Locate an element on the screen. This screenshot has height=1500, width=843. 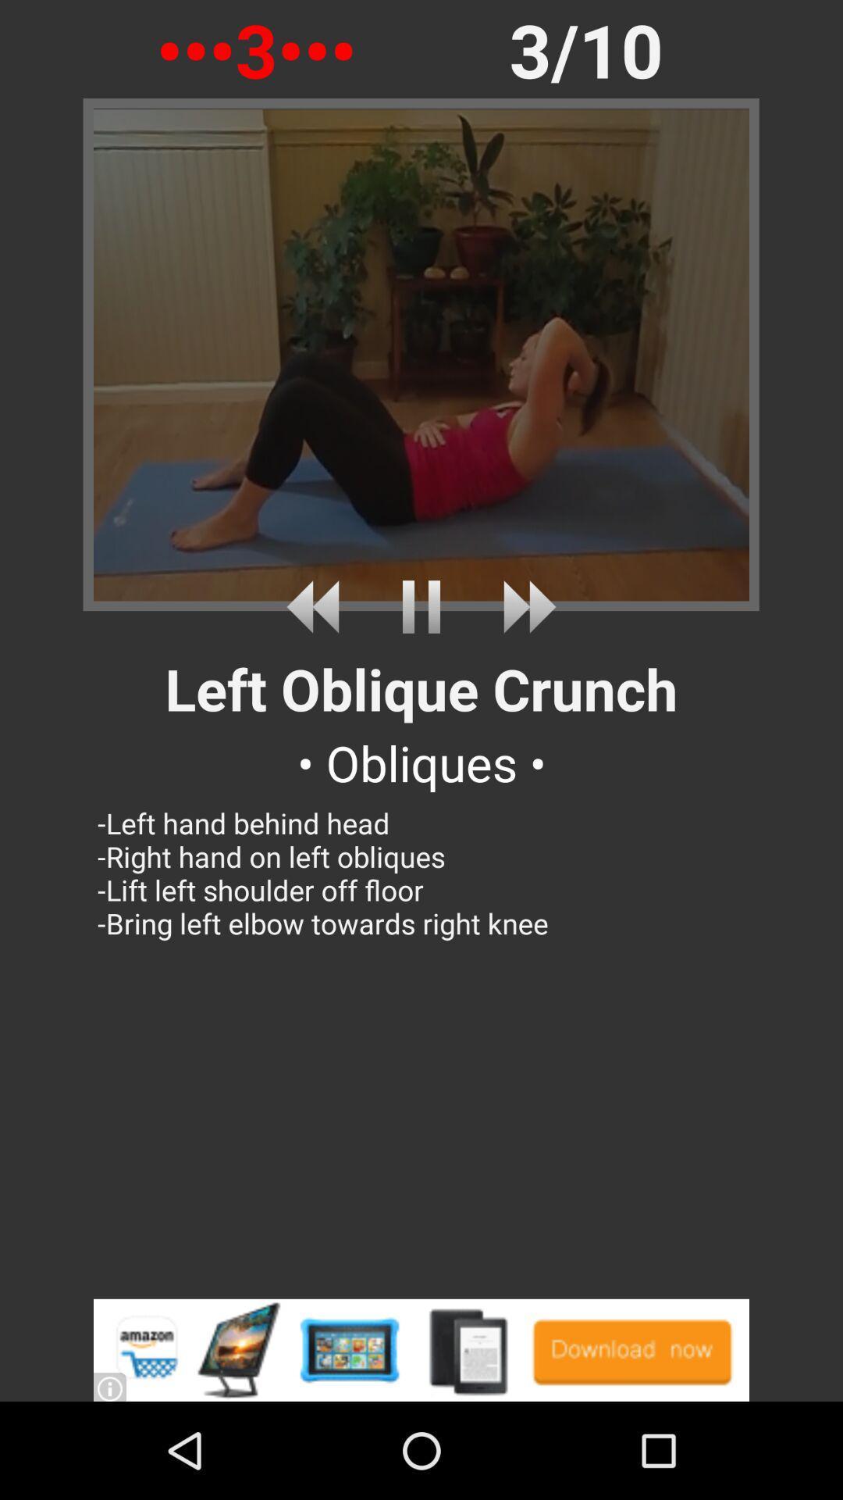
pause video is located at coordinates (421, 606).